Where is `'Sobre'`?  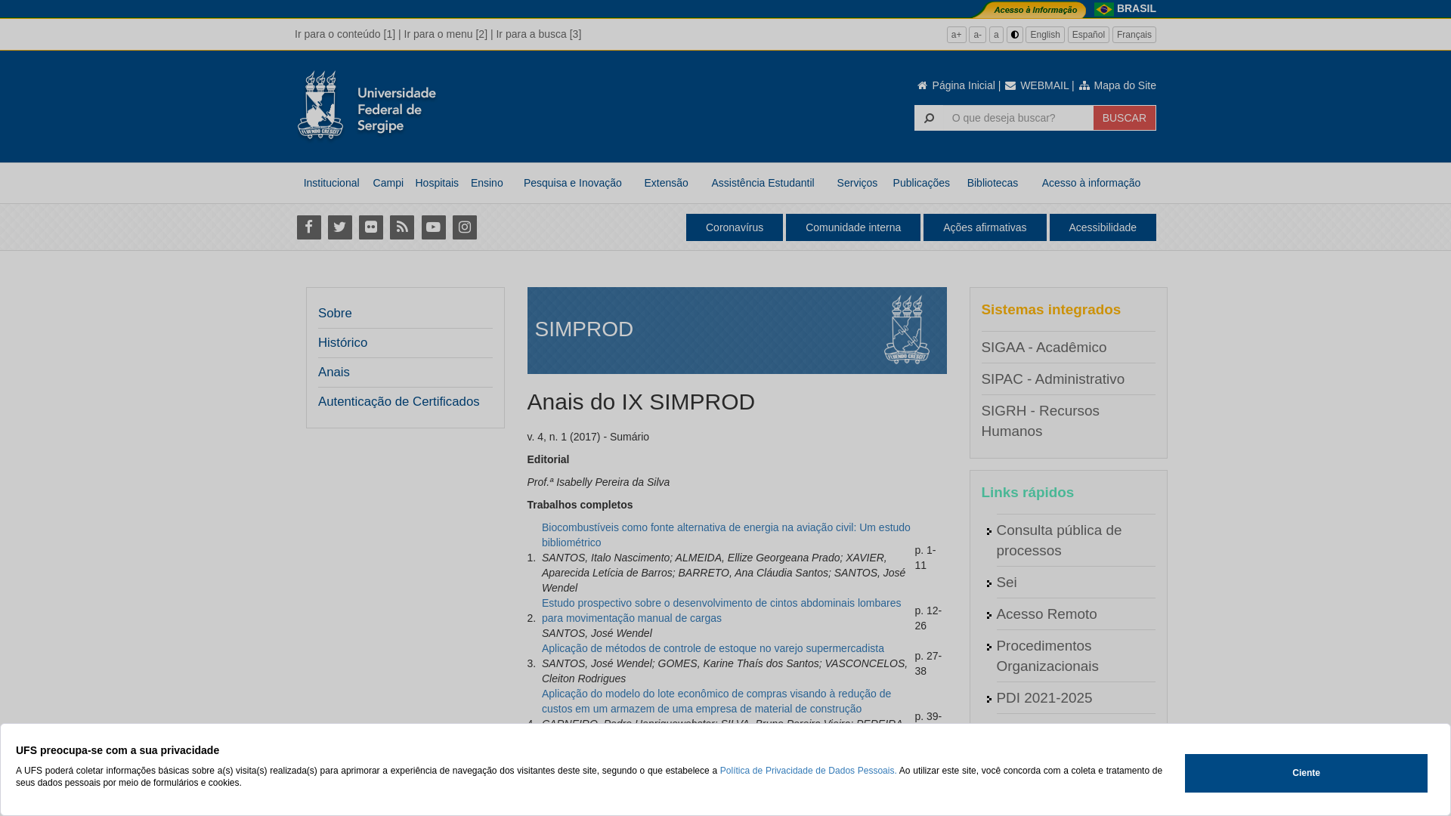 'Sobre' is located at coordinates (334, 313).